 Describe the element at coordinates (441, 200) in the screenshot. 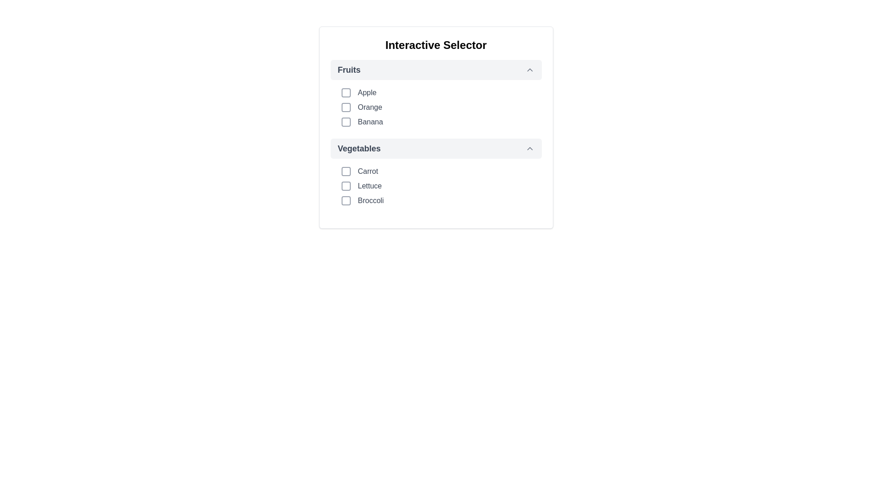

I see `the Checkbox item labeled 'Broccoli', which is the third item in the vertical list under the 'Vegetables' section` at that location.